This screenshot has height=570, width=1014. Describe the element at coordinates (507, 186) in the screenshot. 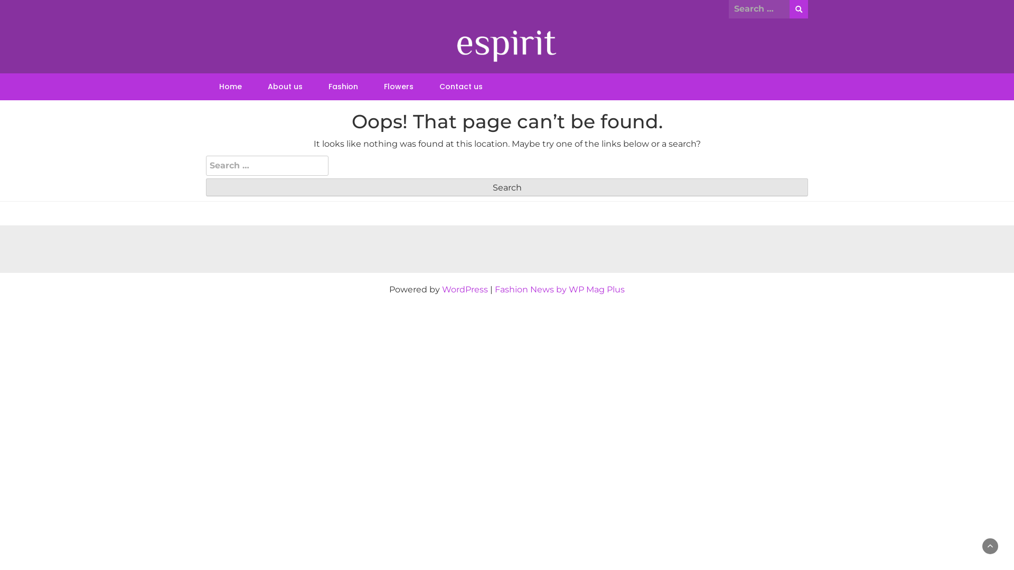

I see `'Search'` at that location.